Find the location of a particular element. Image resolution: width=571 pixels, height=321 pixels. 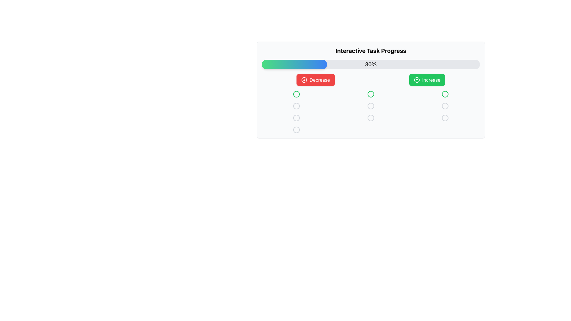

the green circular radio button located below the 'Decrease' button is located at coordinates (297, 94).